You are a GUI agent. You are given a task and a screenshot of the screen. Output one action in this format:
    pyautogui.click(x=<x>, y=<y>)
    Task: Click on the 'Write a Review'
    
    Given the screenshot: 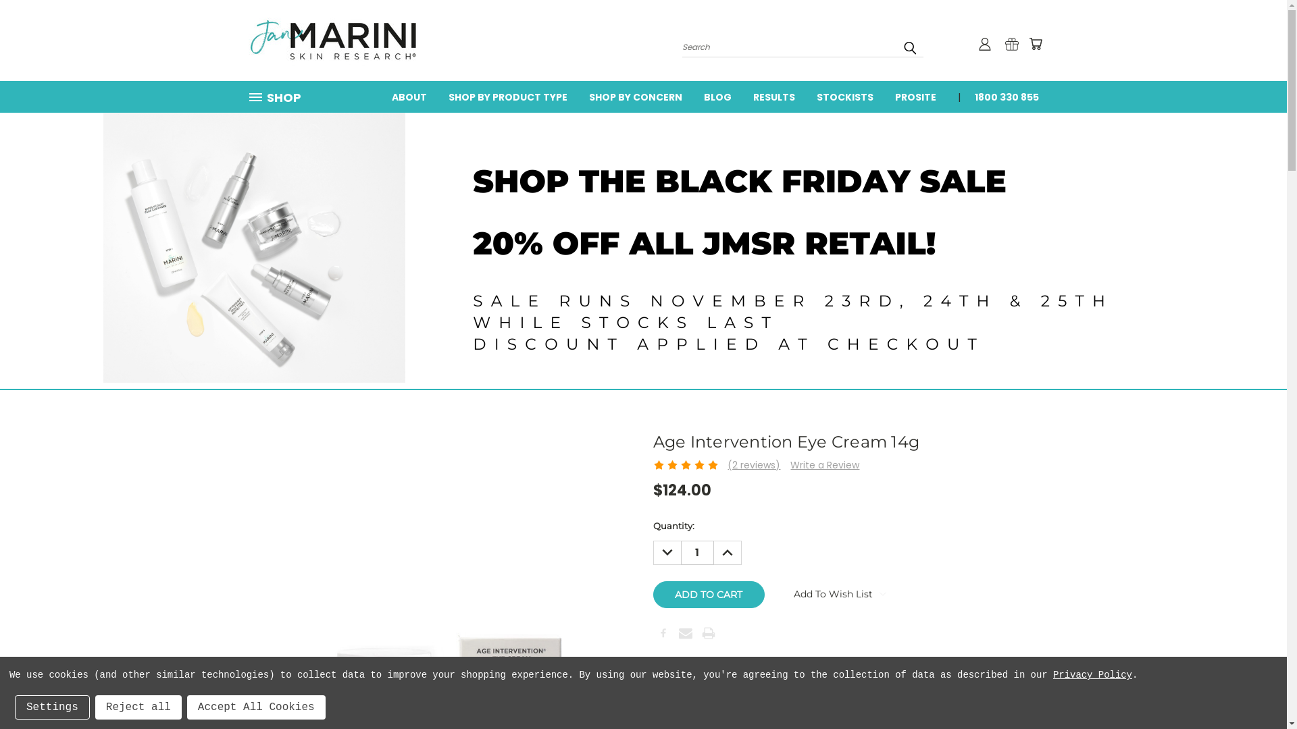 What is the action you would take?
    pyautogui.click(x=790, y=464)
    